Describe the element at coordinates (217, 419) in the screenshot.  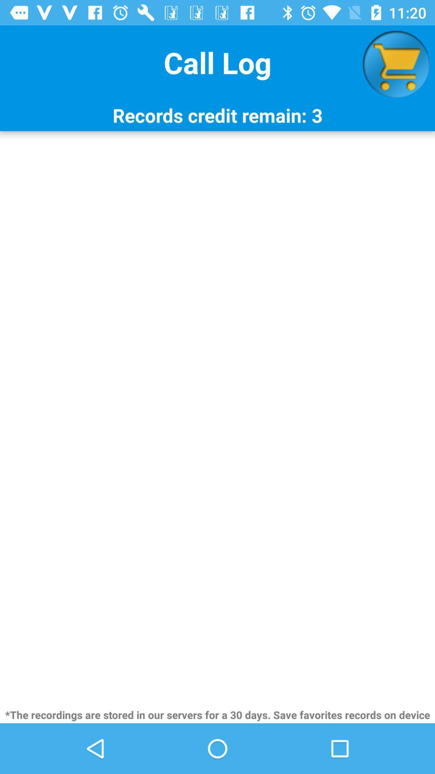
I see `app below the records credit remain app` at that location.